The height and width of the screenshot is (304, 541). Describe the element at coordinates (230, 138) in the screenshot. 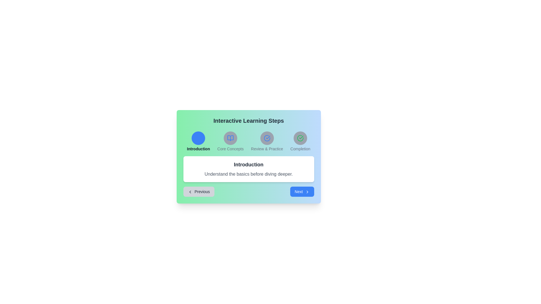

I see `the open book icon with rounded edges and a blue color, located at the center of the 'Core Concepts' step in the stepper layout` at that location.